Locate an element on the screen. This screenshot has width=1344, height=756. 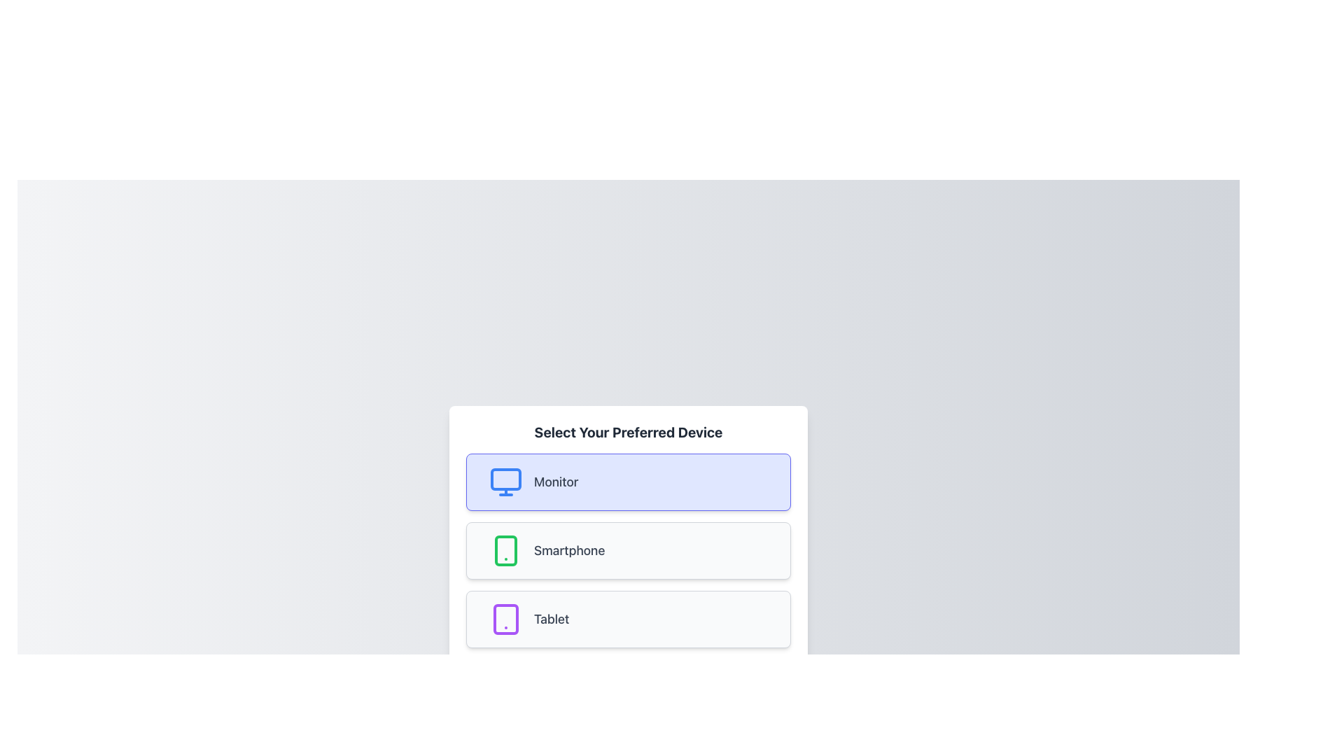
the selectable card labeled 'Smartphone' is located at coordinates (627, 549).